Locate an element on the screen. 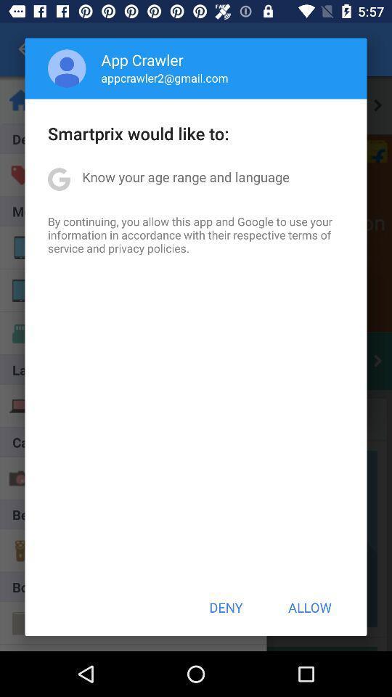 The height and width of the screenshot is (697, 392). the item to the left of app crawler is located at coordinates (66, 68).